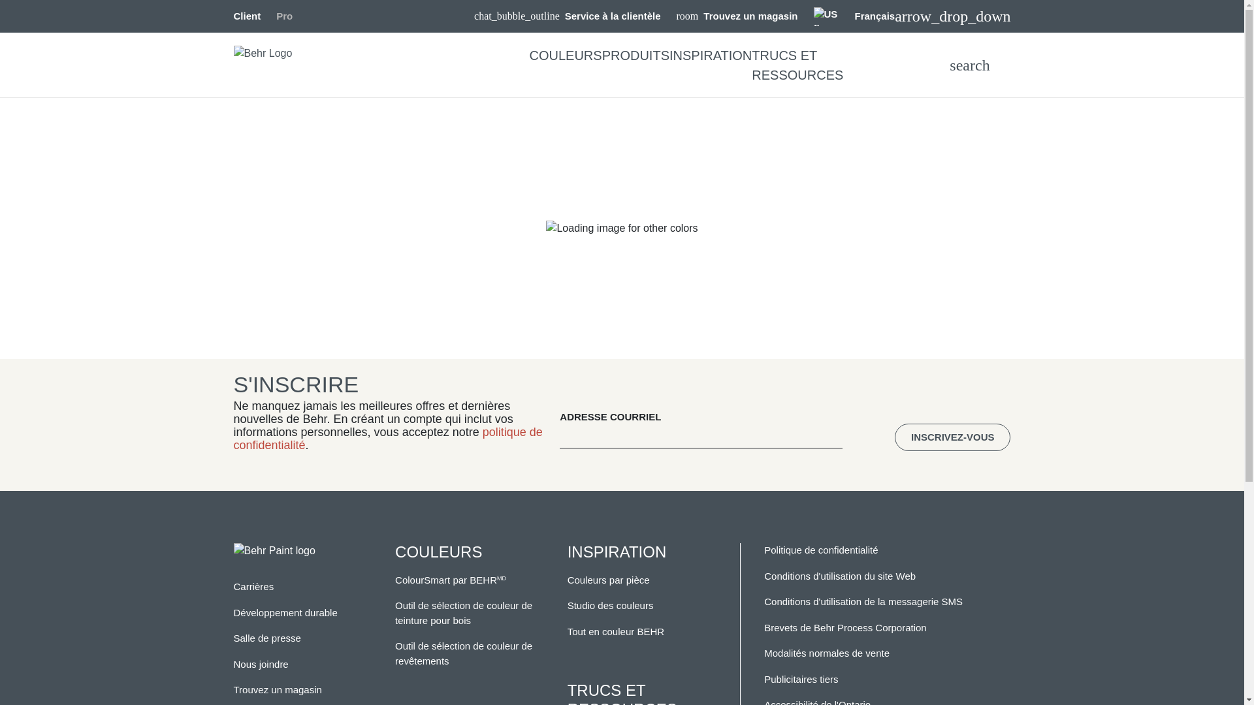 The width and height of the screenshot is (1254, 705). Describe the element at coordinates (248, 16) in the screenshot. I see `'Client'` at that location.